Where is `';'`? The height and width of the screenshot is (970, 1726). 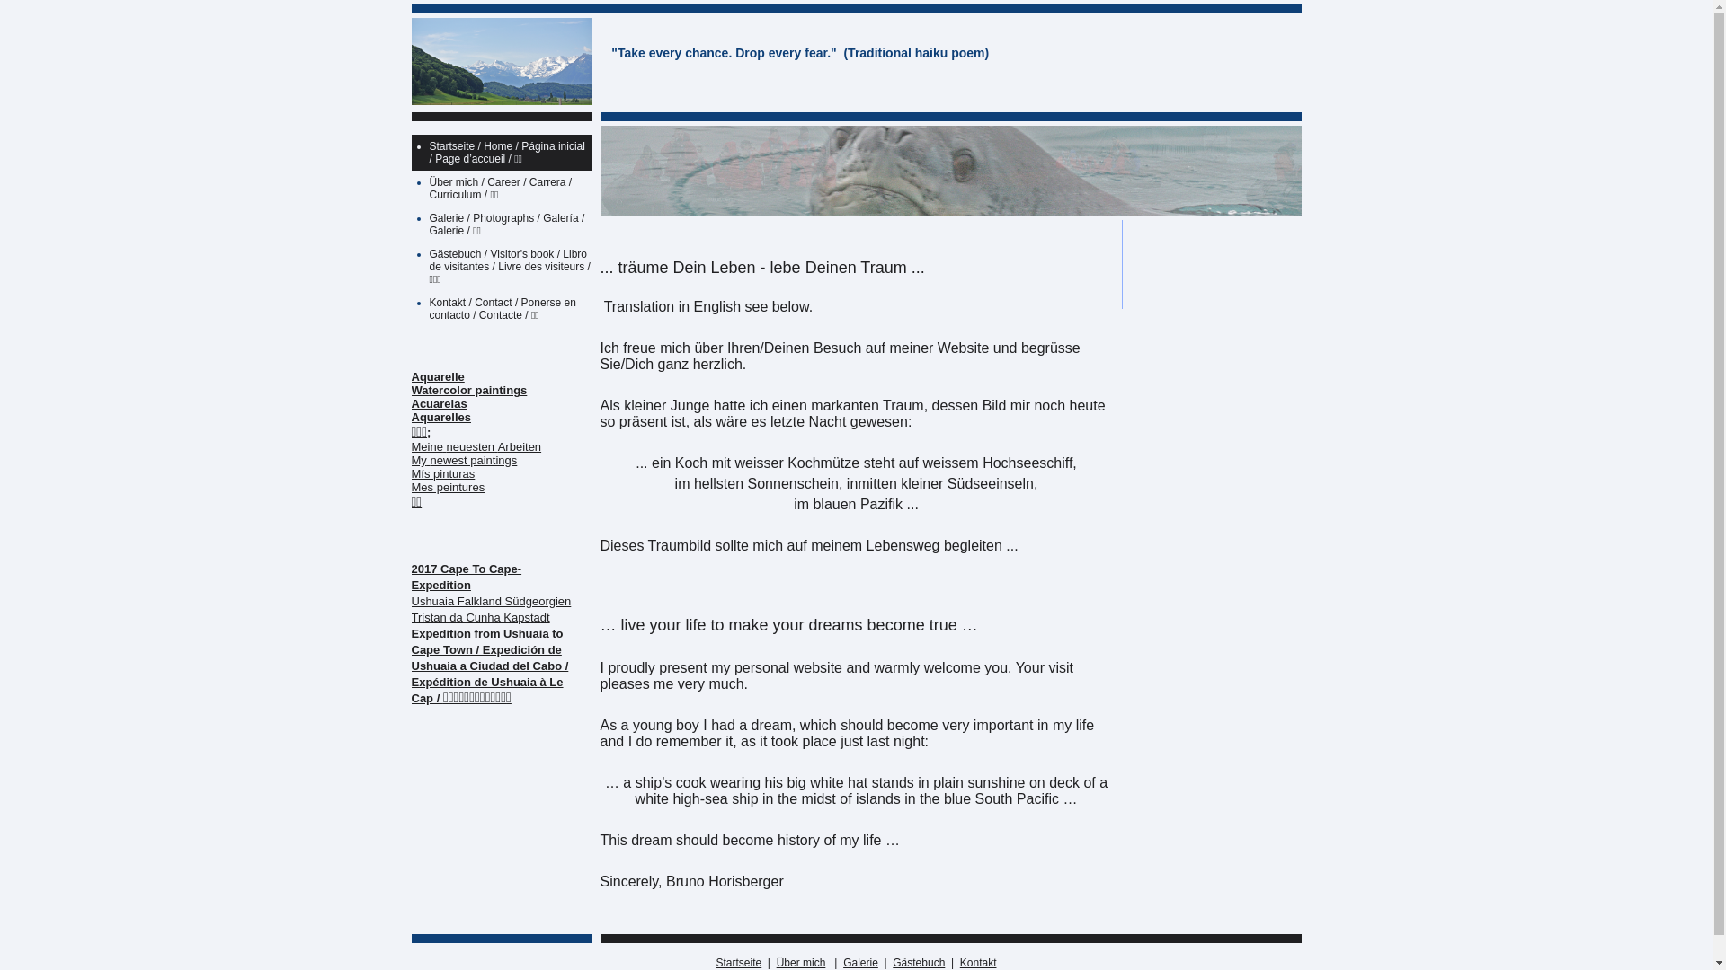
';' is located at coordinates (427, 432).